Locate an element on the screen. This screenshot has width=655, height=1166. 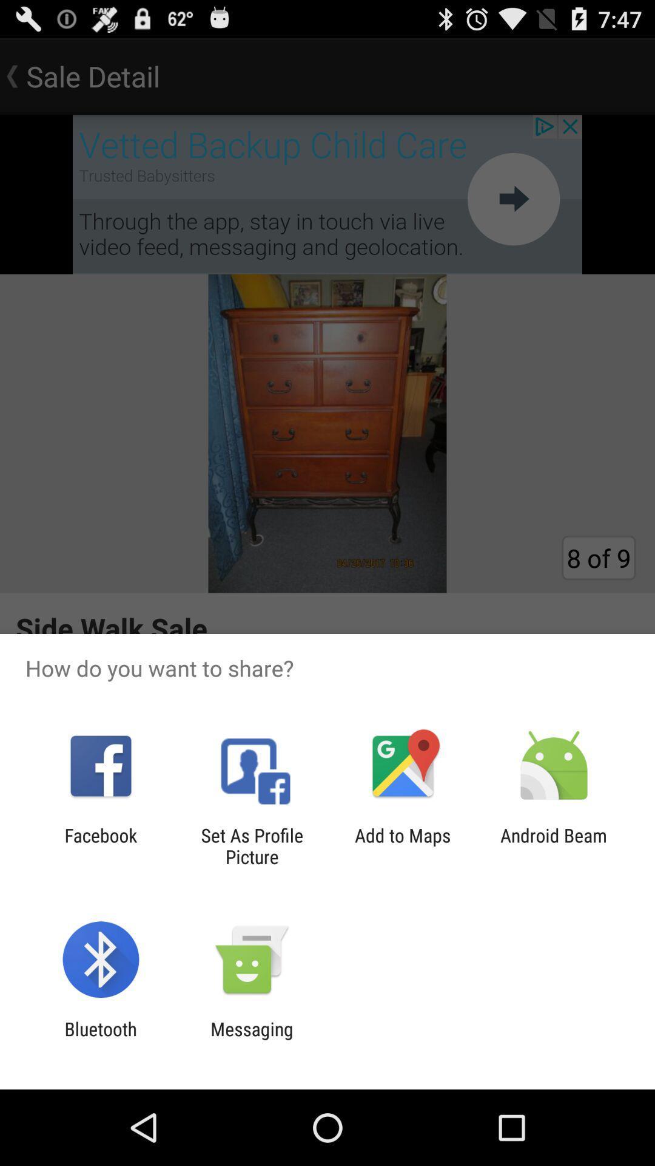
the set as profile is located at coordinates (251, 845).